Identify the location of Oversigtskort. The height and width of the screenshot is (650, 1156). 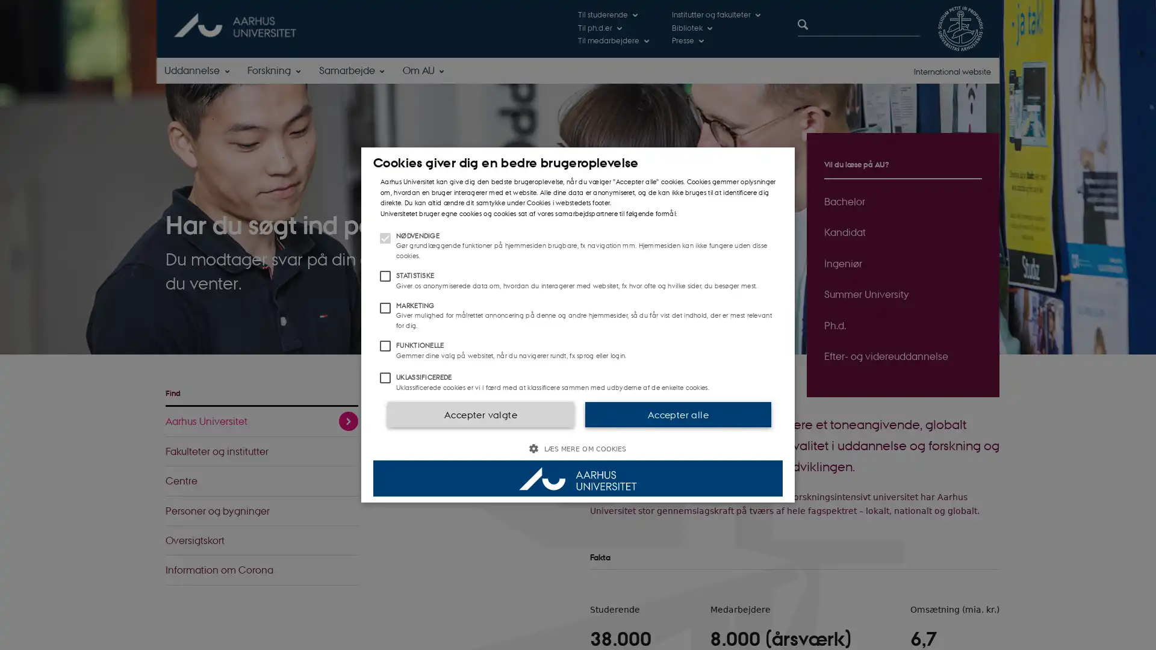
(261, 539).